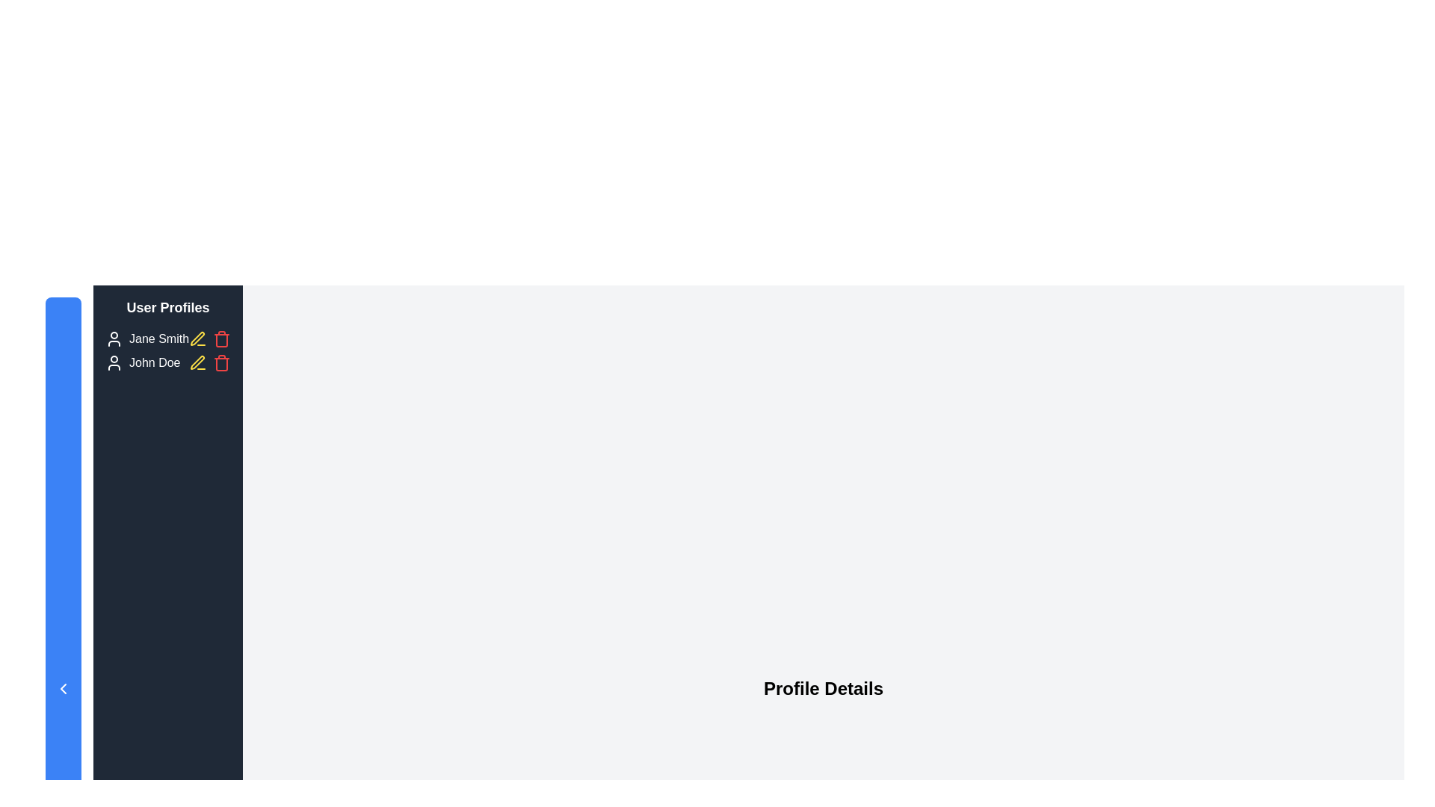  Describe the element at coordinates (143, 363) in the screenshot. I see `the user profile list item for 'John Doe'` at that location.